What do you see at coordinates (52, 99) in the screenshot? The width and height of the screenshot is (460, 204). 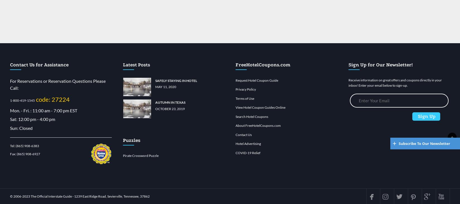 I see `'code: 27224'` at bounding box center [52, 99].